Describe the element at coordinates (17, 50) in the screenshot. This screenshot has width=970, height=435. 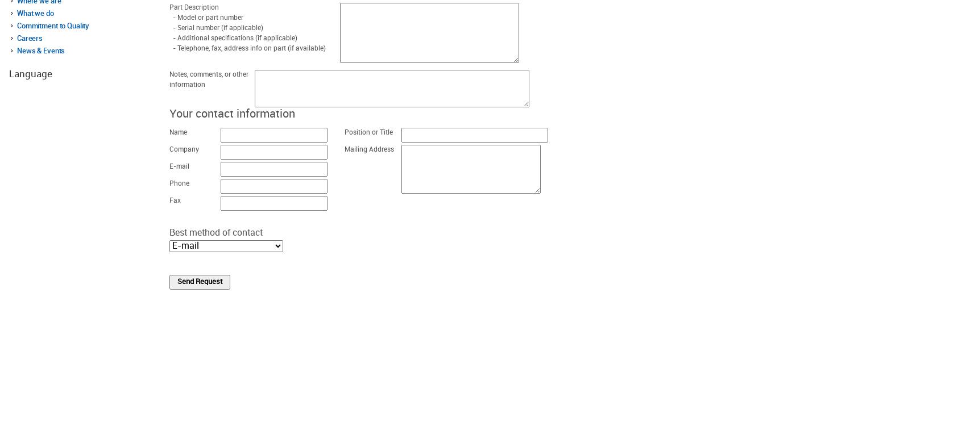
I see `'News & Events'` at that location.